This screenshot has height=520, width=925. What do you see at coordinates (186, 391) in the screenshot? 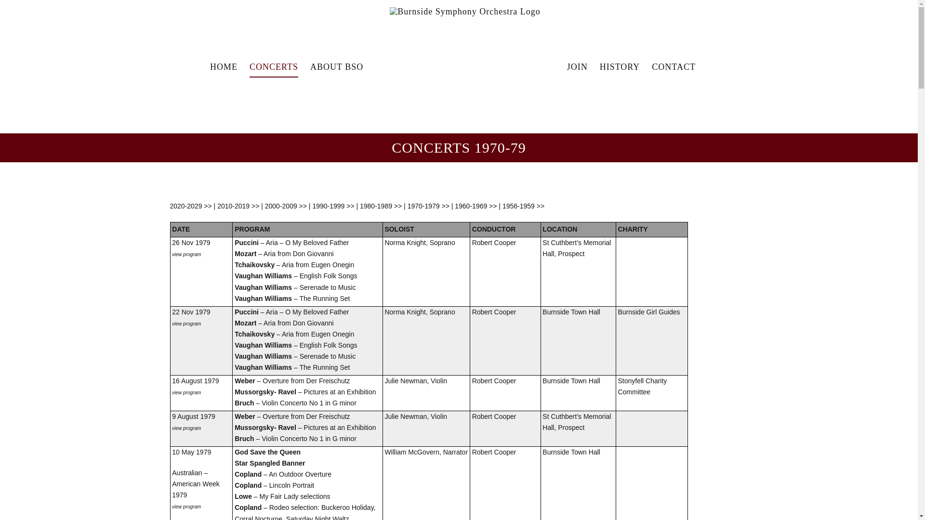
I see `'view program'` at bounding box center [186, 391].